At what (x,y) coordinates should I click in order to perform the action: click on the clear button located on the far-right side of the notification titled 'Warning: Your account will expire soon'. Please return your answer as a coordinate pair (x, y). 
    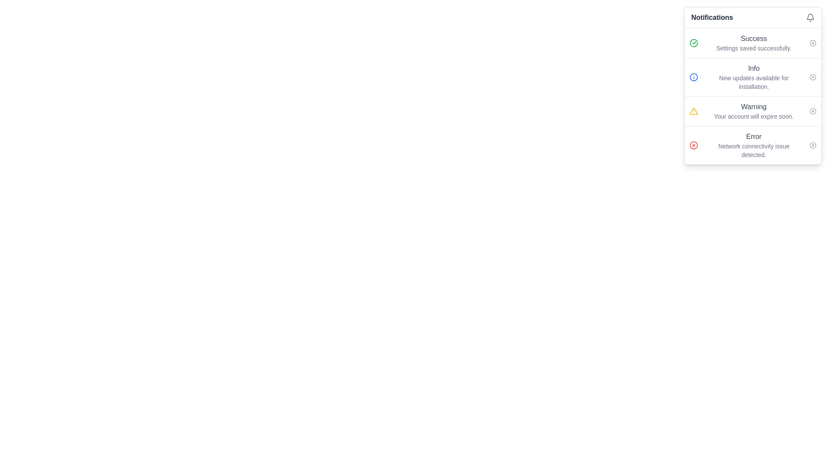
    Looking at the image, I should click on (812, 111).